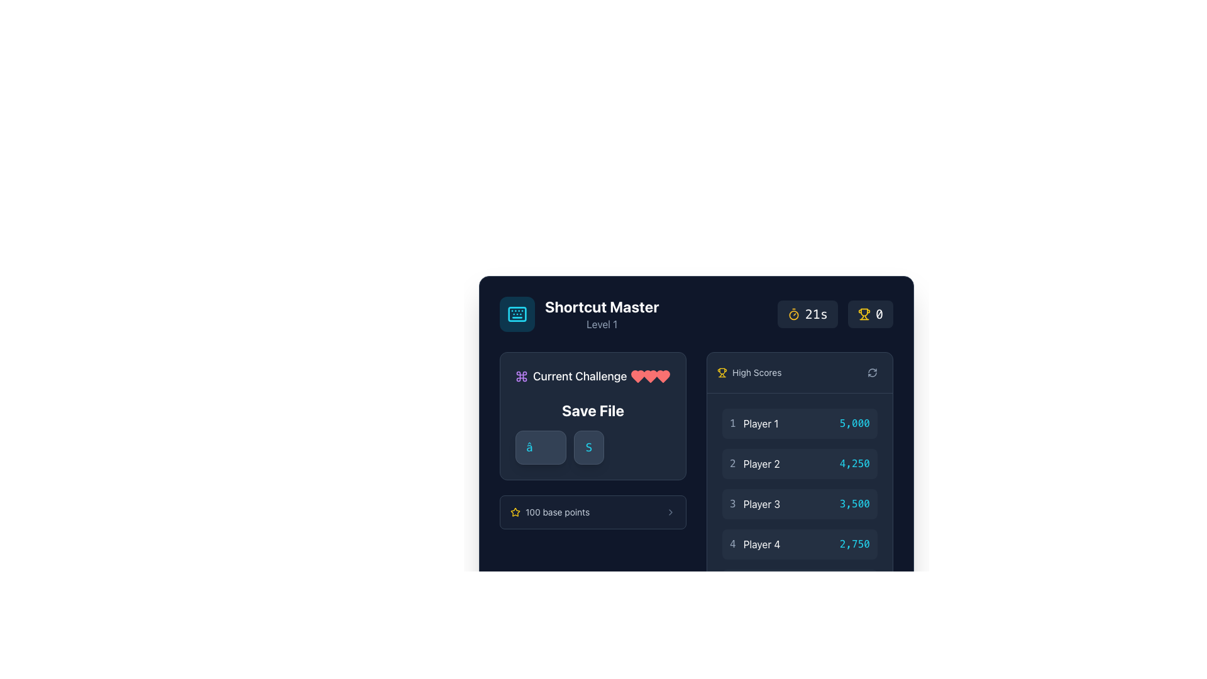 The height and width of the screenshot is (679, 1207). Describe the element at coordinates (592, 410) in the screenshot. I see `the 'Save File' text label element, which is centrally located near the top of the interface and styled with bold white text on a dark background` at that location.